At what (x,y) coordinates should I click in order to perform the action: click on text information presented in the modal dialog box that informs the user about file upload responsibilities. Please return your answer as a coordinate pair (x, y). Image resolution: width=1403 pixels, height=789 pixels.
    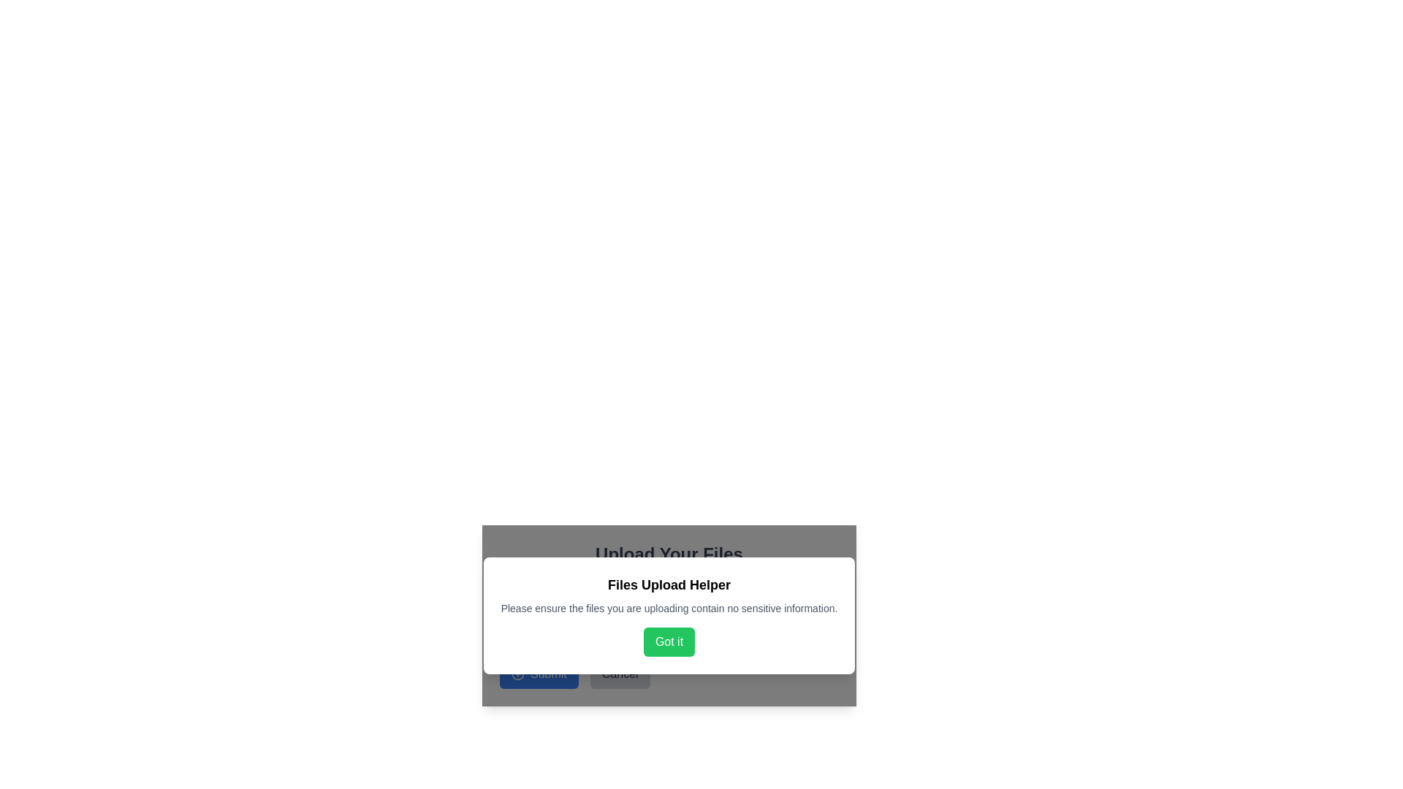
    Looking at the image, I should click on (669, 616).